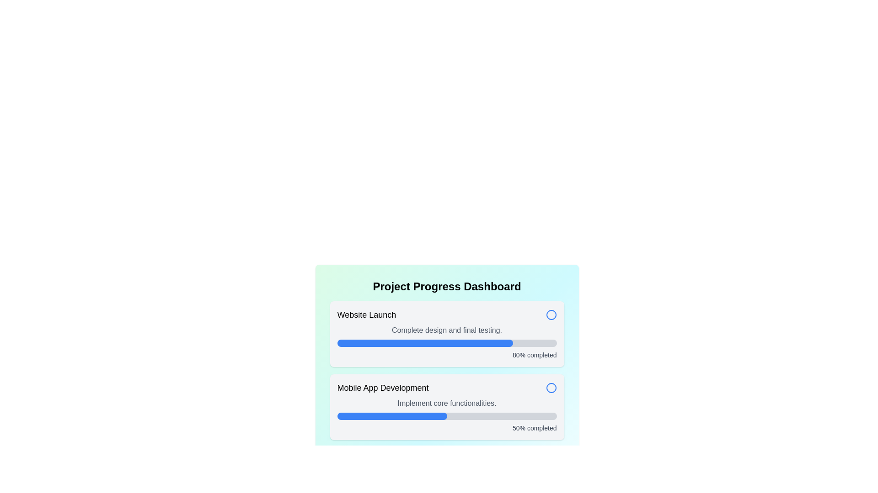  I want to click on descriptive text label that provides additional details or instructions related to 'Mobile App Development', located below the title and above the progress bar, so click(447, 403).